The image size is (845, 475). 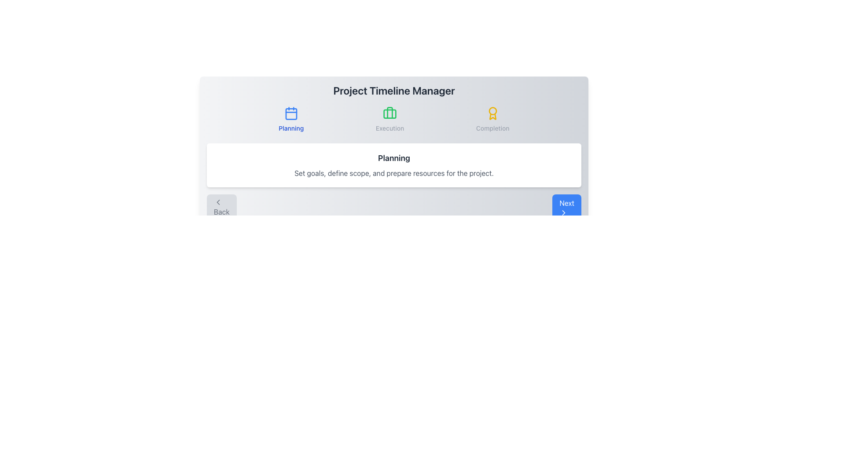 What do you see at coordinates (492, 113) in the screenshot?
I see `the yellow award icon SVG located at the top right of the 'Project Timeline Manager' header, directly above the 'Completion' text` at bounding box center [492, 113].